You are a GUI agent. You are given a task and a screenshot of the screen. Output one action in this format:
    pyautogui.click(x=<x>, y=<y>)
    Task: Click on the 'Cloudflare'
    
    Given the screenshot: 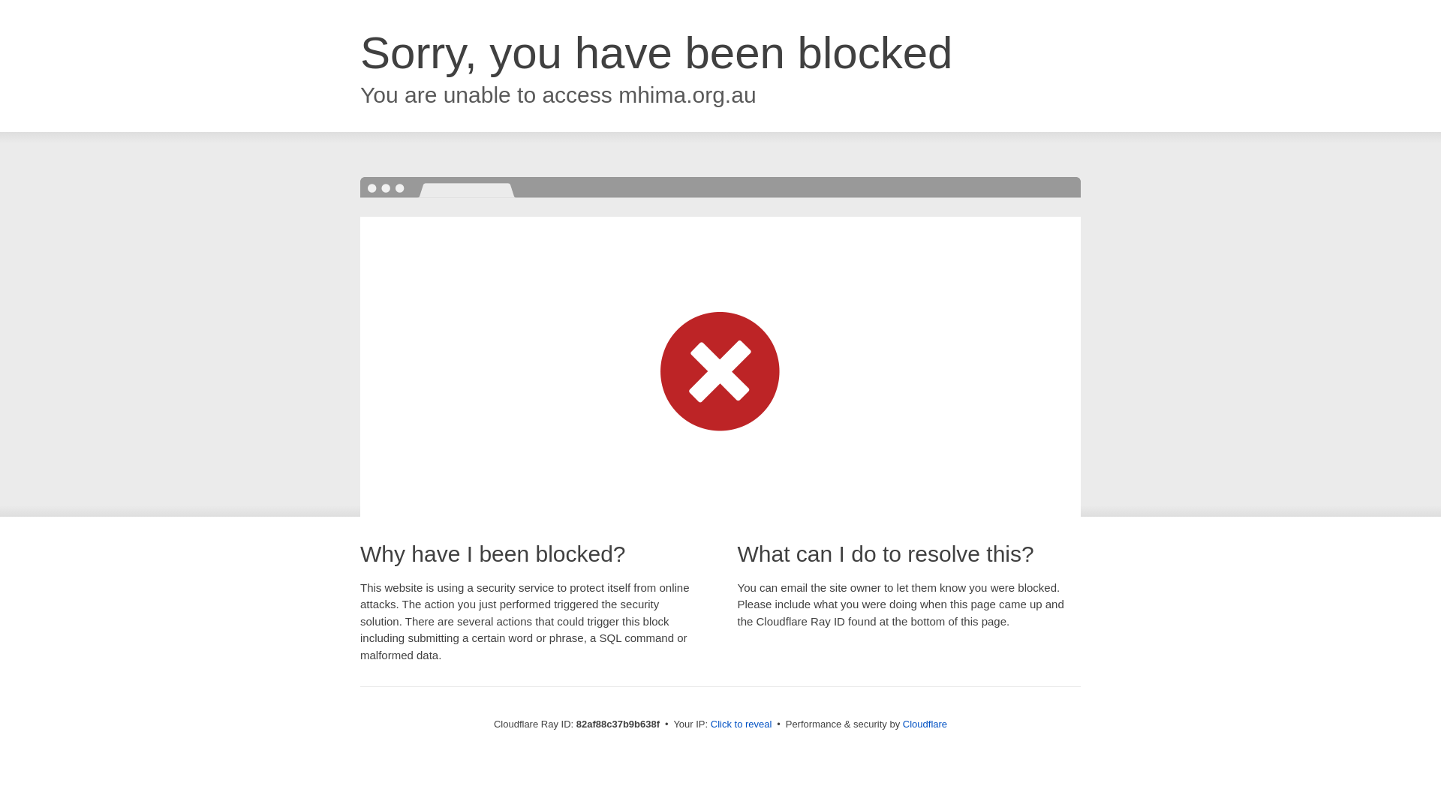 What is the action you would take?
    pyautogui.click(x=924, y=723)
    